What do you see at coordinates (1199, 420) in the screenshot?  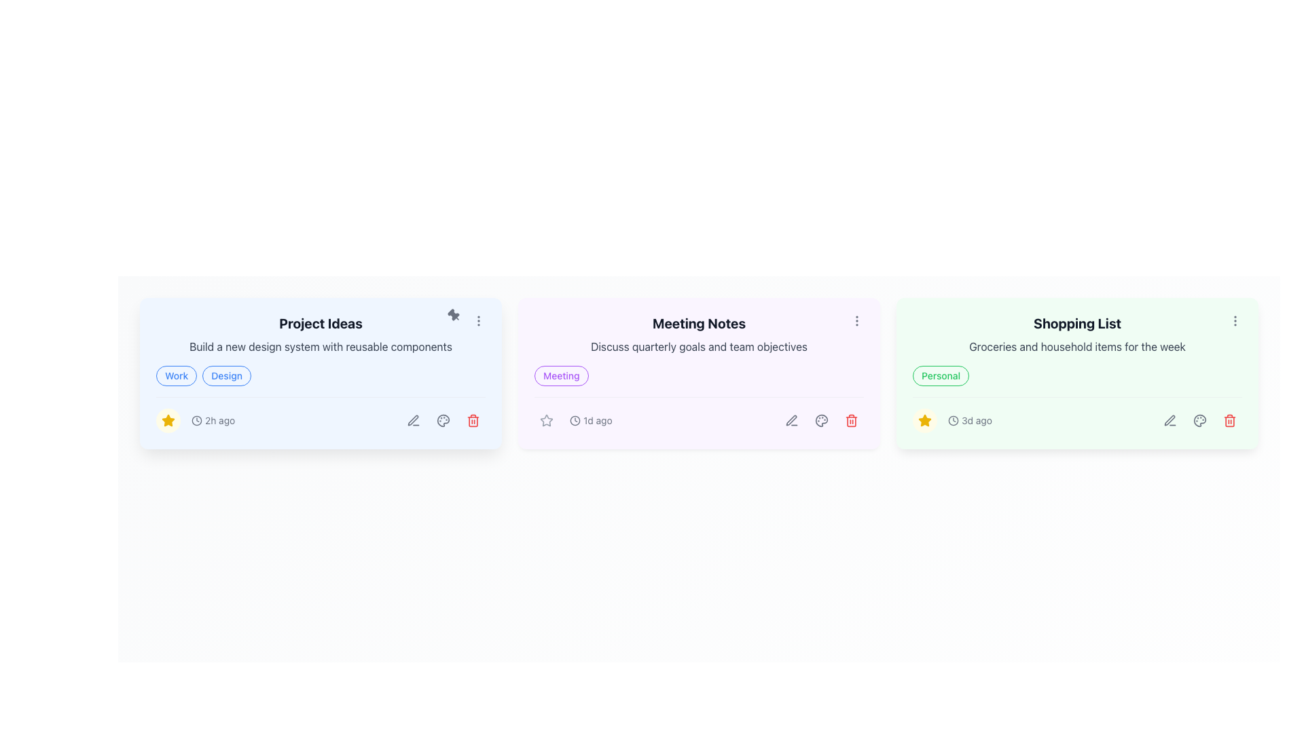 I see `the decorative icon located in the bottom section of the third card labeled 'Shopping List', which is part of the icon row with customization features` at bounding box center [1199, 420].